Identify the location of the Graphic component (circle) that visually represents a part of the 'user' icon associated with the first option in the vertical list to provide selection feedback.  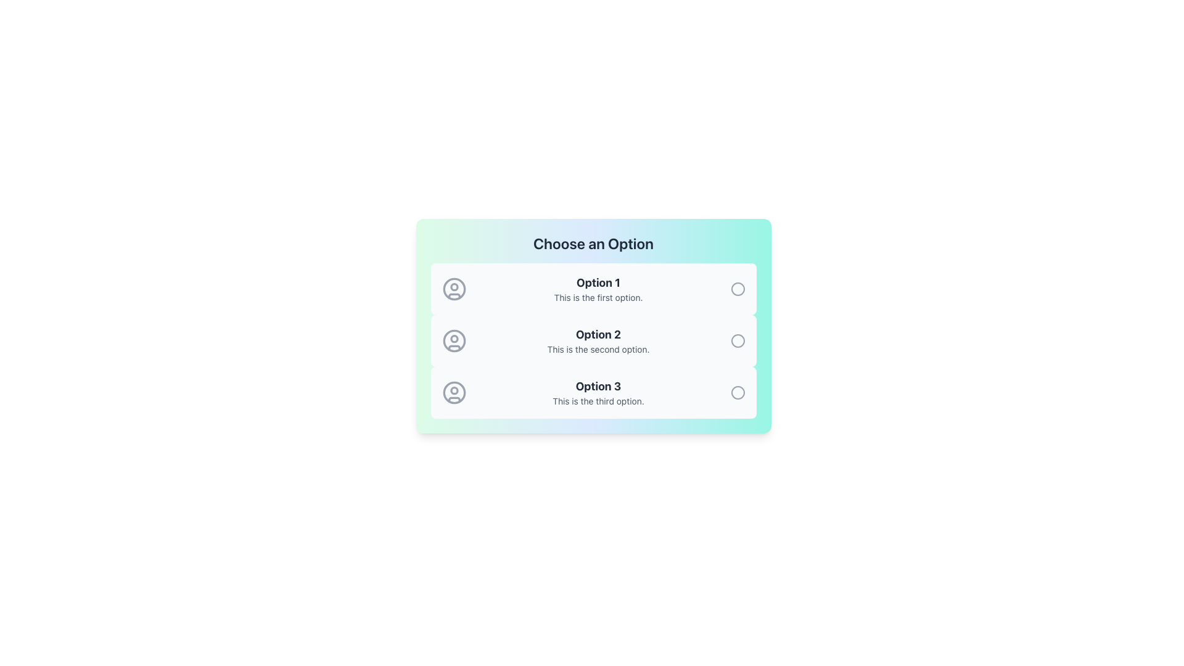
(453, 289).